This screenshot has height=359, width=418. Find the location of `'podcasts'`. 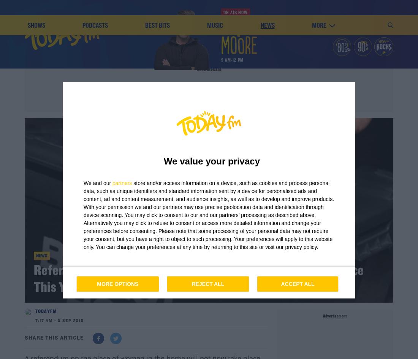

'podcasts' is located at coordinates (95, 79).